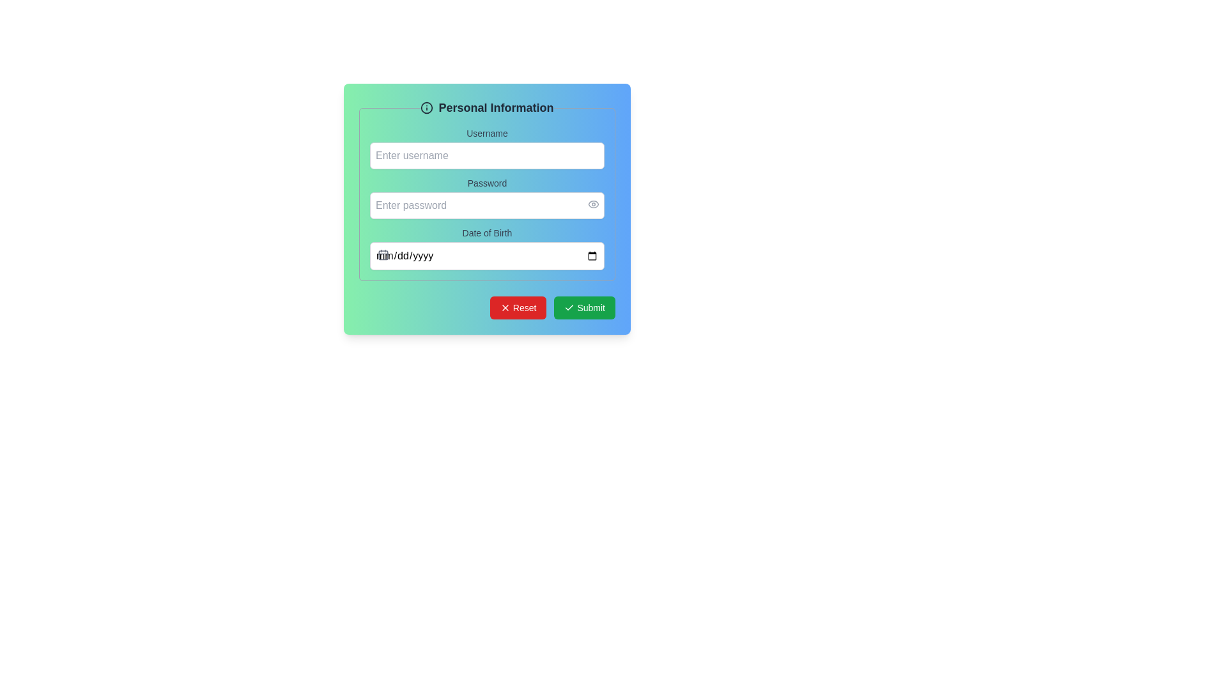 The width and height of the screenshot is (1227, 690). What do you see at coordinates (593, 204) in the screenshot?
I see `the eye icon located in the right section of the 'Password' input field` at bounding box center [593, 204].